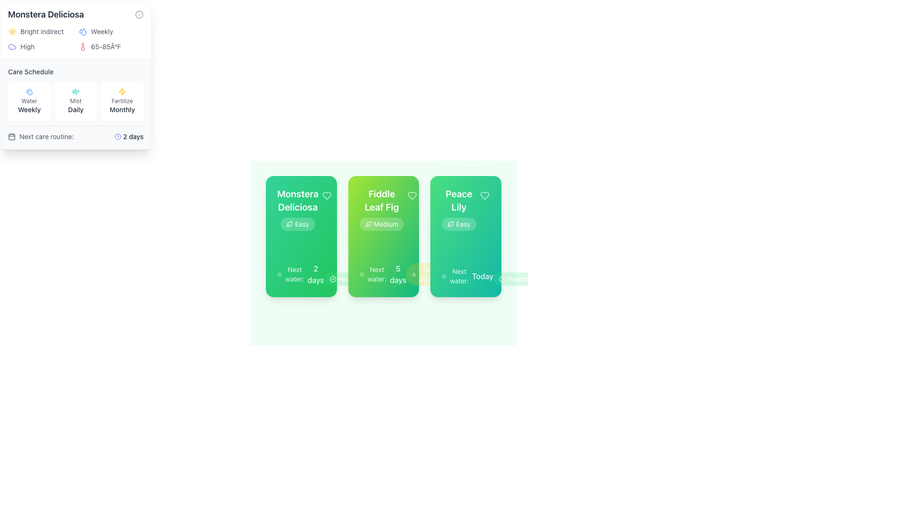 This screenshot has width=910, height=511. What do you see at coordinates (484, 195) in the screenshot?
I see `the heart-shaped icon in the top-right corner of the 'Peace Lily' card` at bounding box center [484, 195].